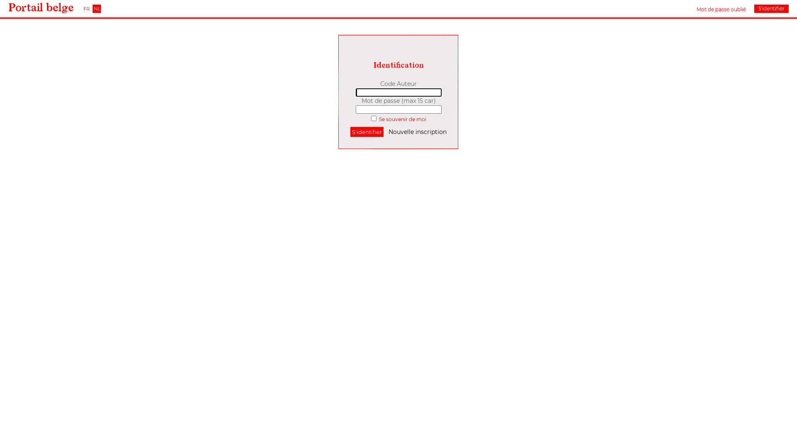  Describe the element at coordinates (8, 8) in the screenshot. I see `'Portail belge'` at that location.